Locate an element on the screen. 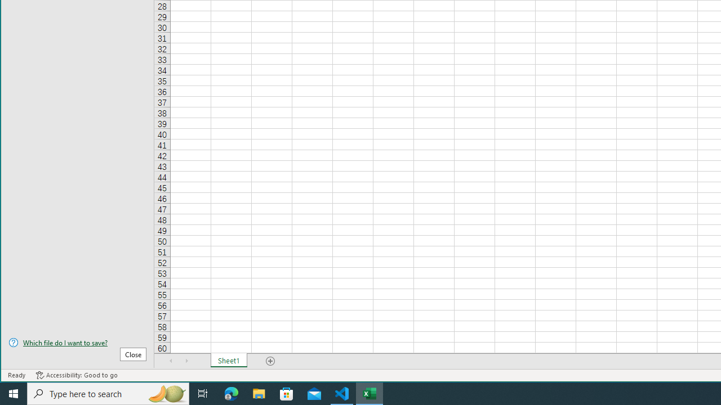 The height and width of the screenshot is (405, 721). 'File Explorer' is located at coordinates (259, 393).